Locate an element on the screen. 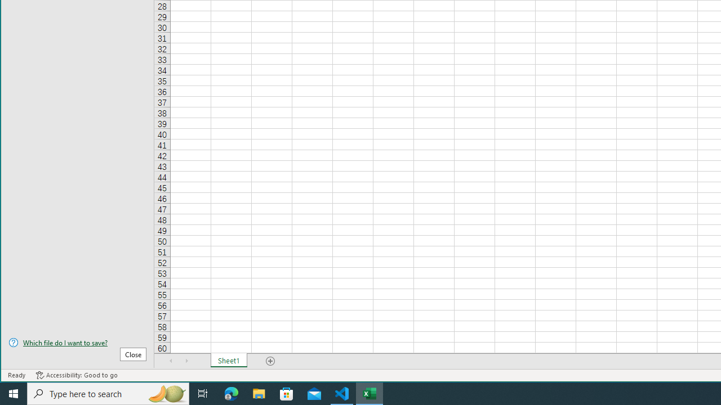 The height and width of the screenshot is (405, 721). 'File Explorer' is located at coordinates (259, 393).